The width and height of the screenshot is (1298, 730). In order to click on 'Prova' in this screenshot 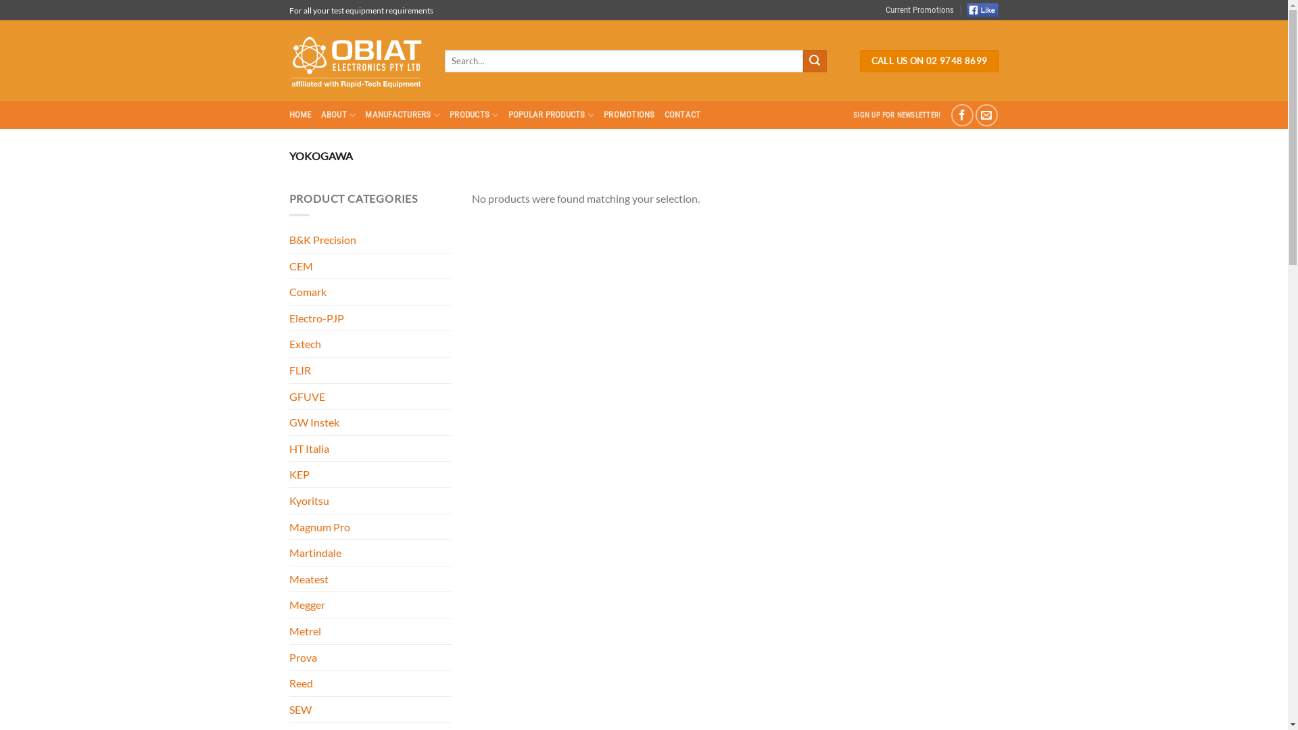, I will do `click(370, 656)`.